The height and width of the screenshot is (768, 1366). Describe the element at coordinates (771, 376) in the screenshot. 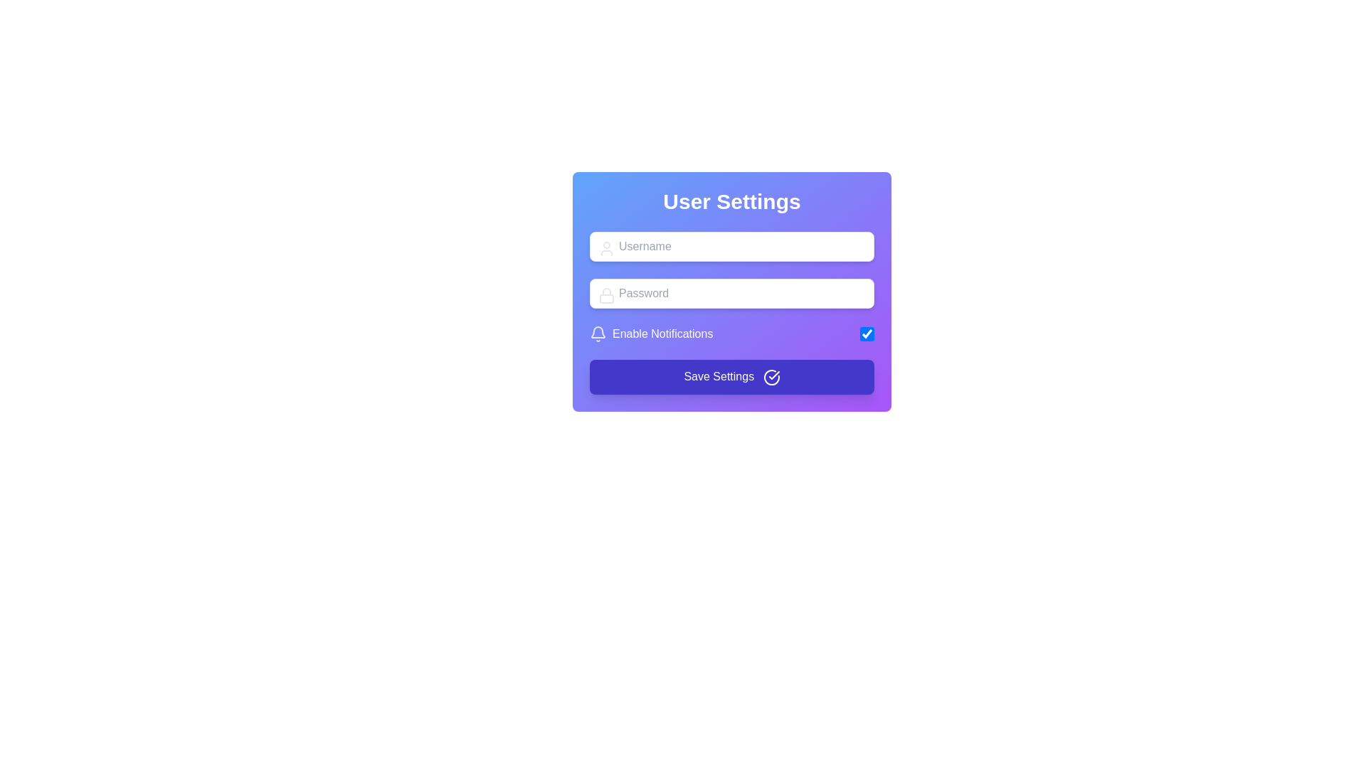

I see `circular graphical component rendered as part of an SVG located in the bottom-right corner of the 'Save Settings' button using developer tools` at that location.